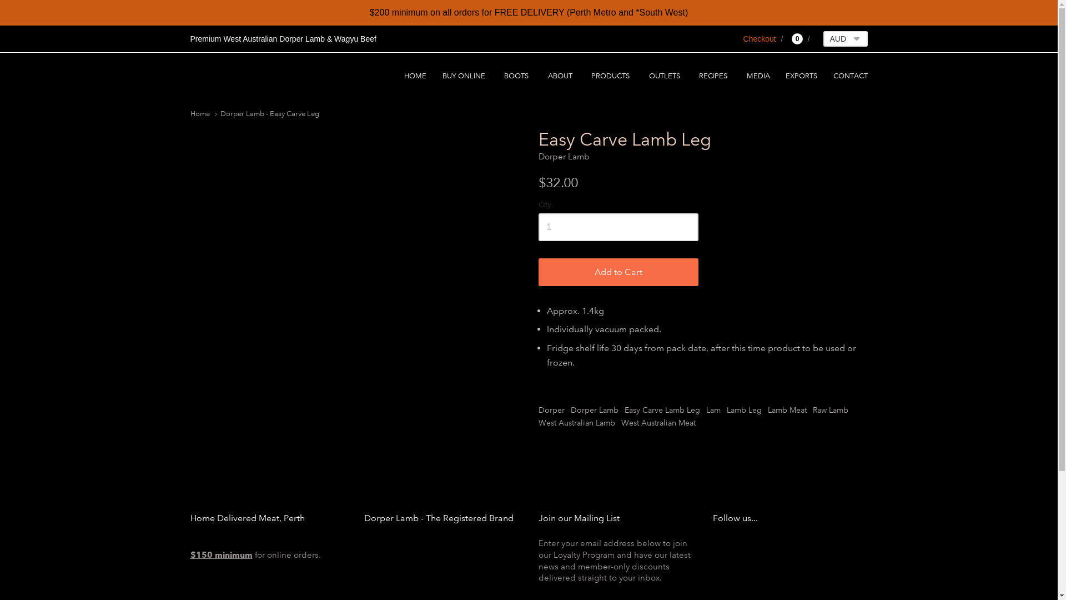 This screenshot has width=1066, height=600. I want to click on 'PRODUCTS', so click(584, 76).